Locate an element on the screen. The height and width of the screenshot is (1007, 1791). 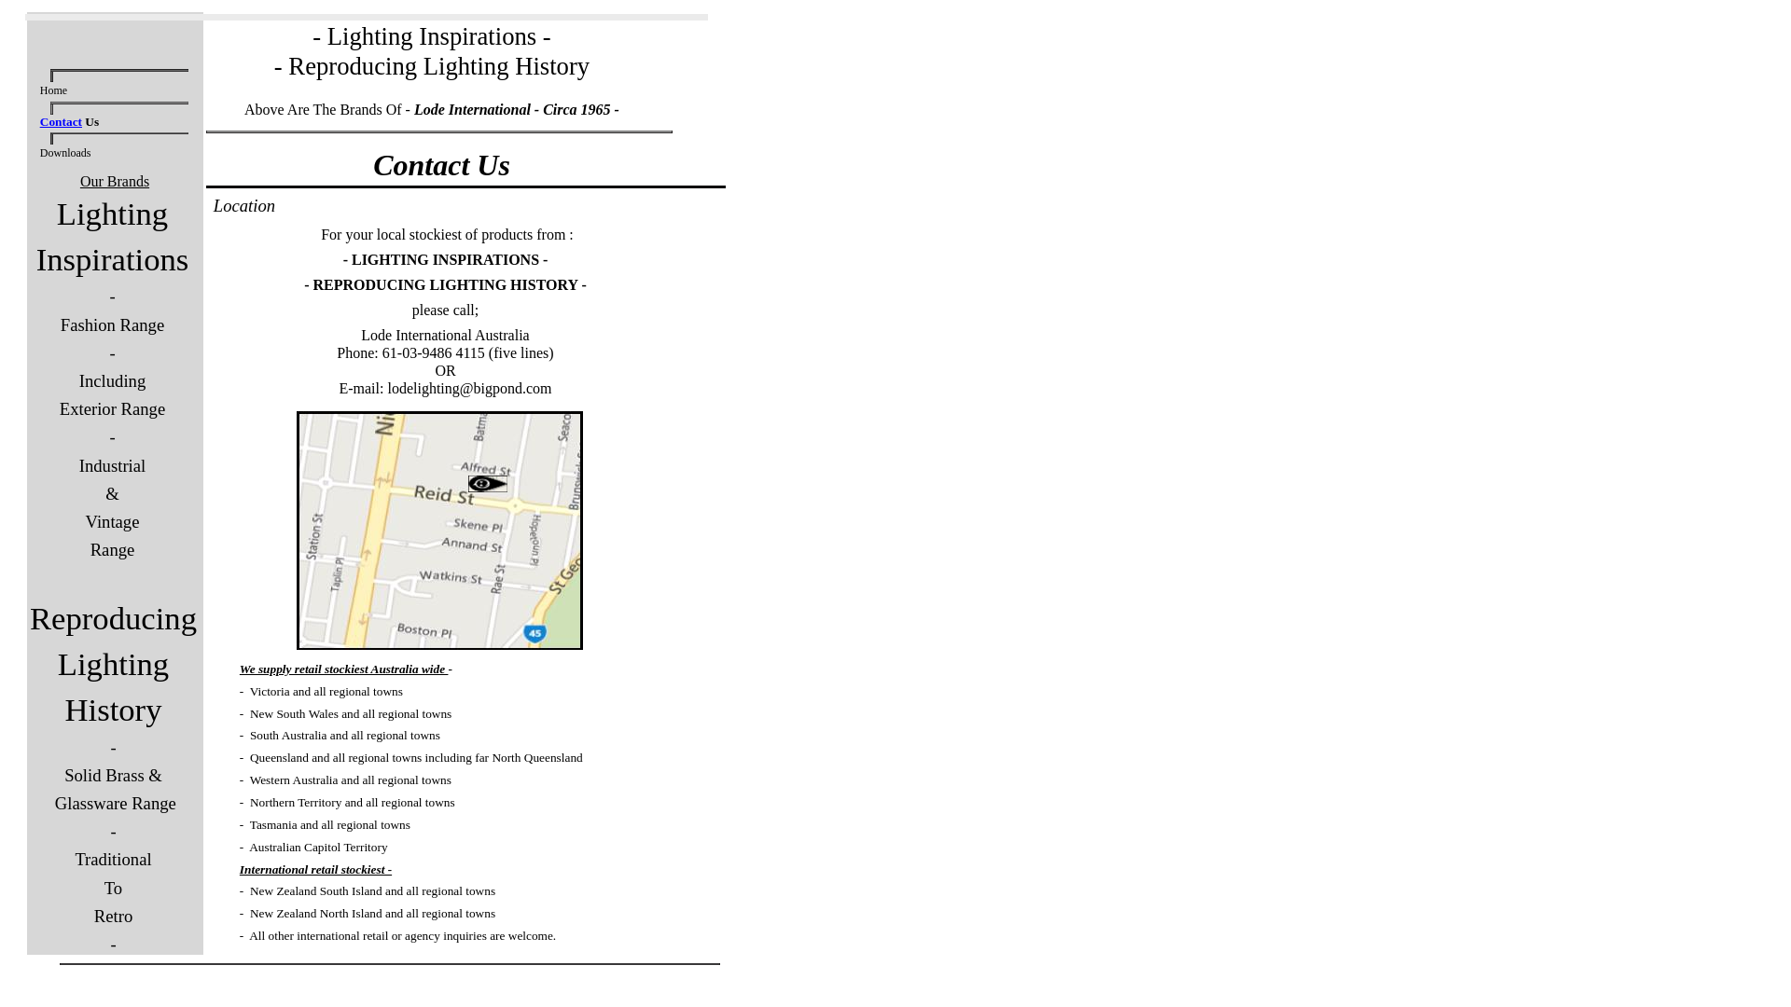
'Contact' is located at coordinates (61, 121).